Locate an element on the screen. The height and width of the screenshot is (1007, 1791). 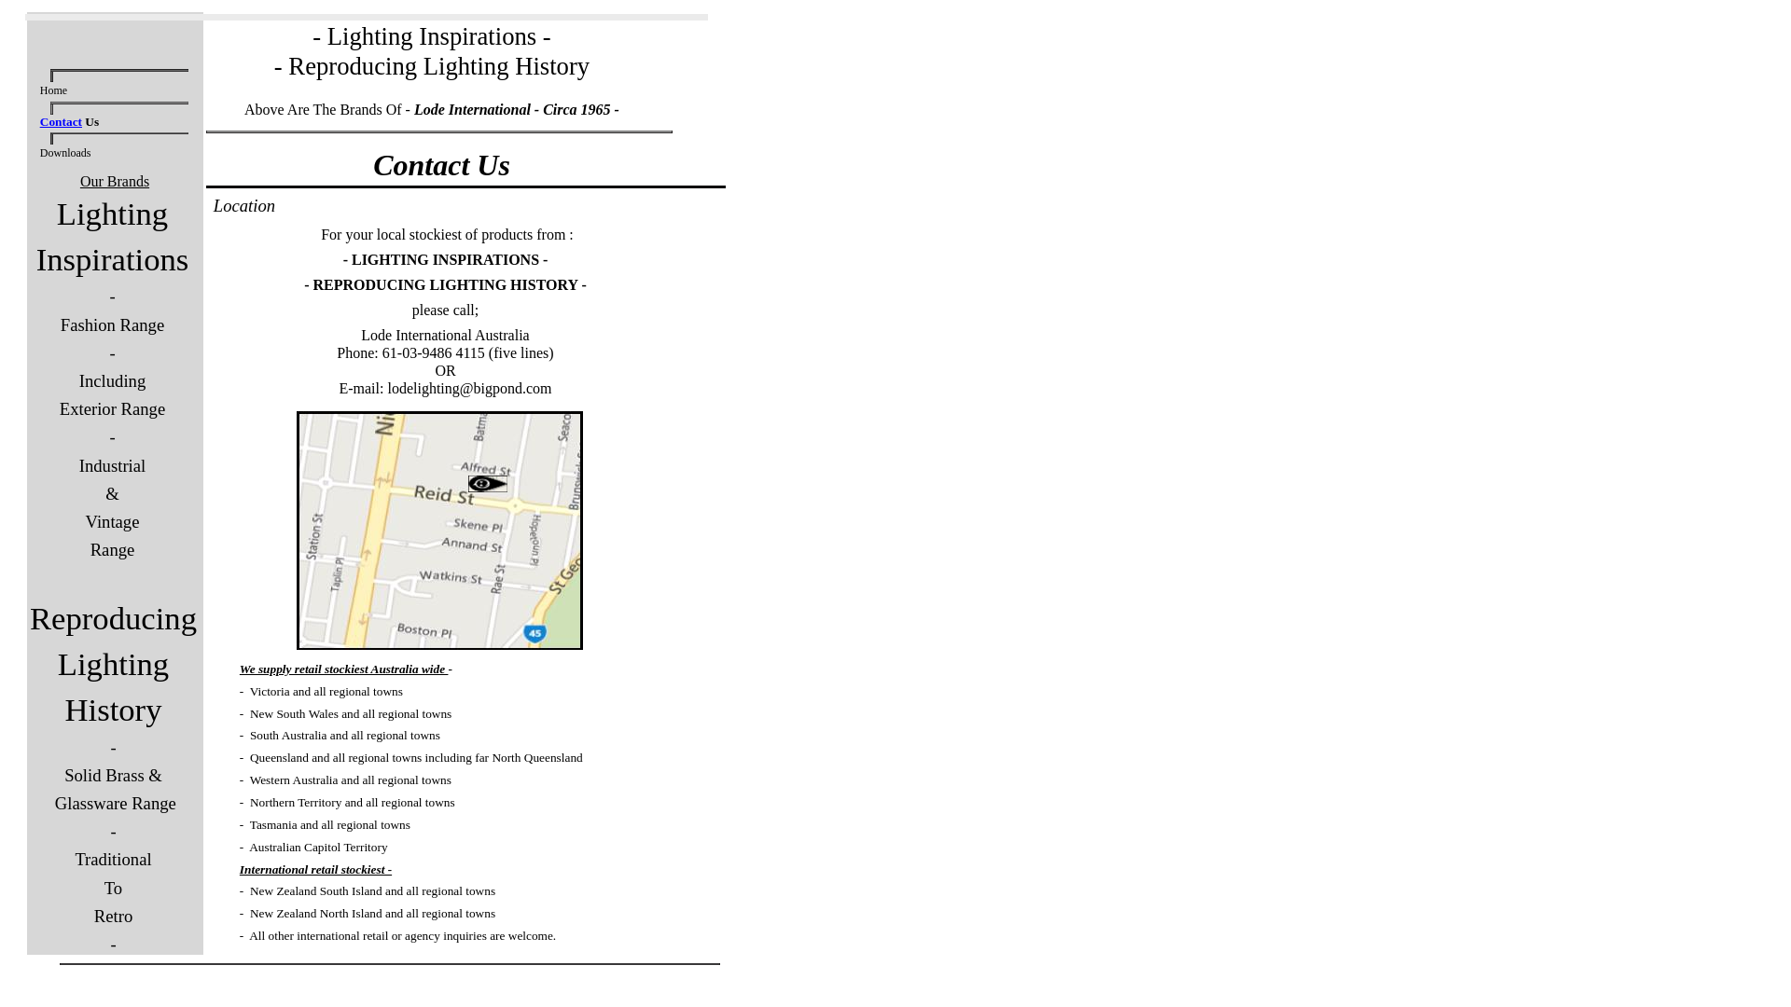
'Contact' is located at coordinates (61, 121).